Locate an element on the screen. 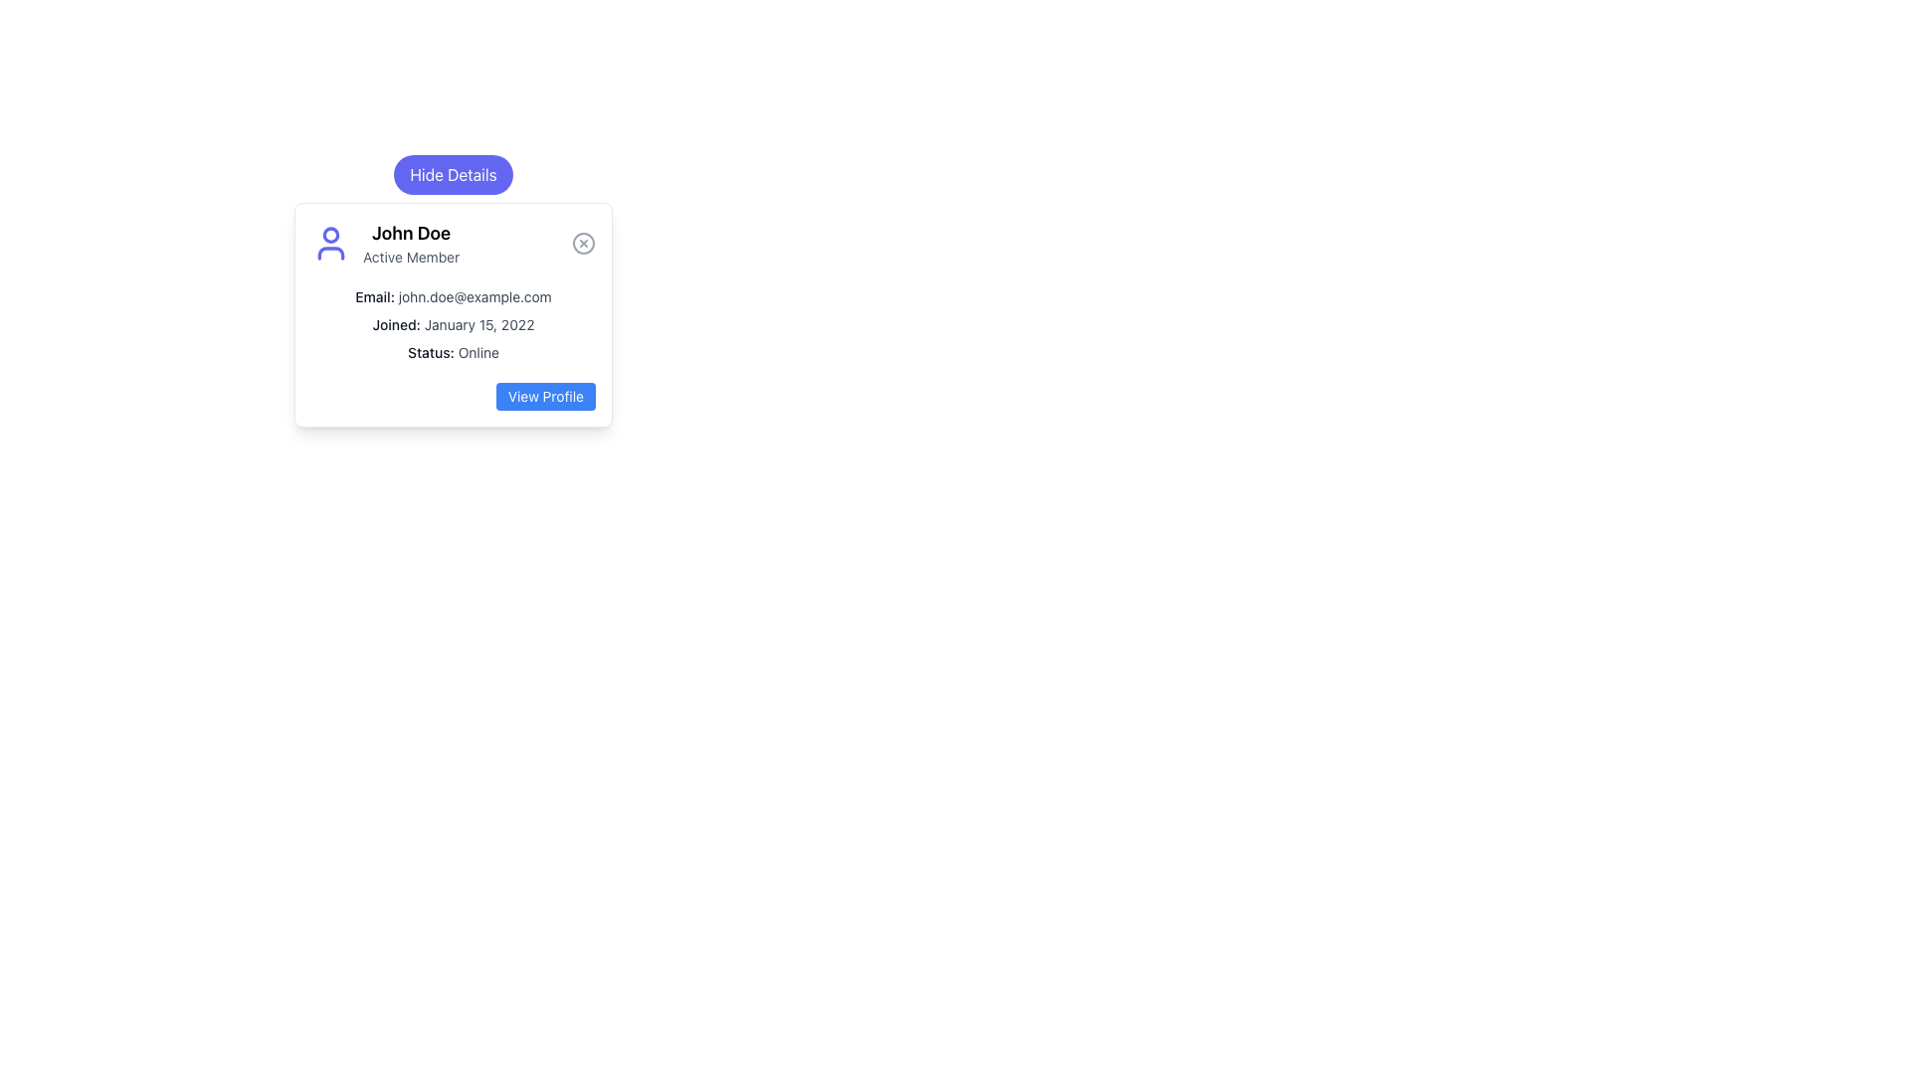  the circular close icon located at the top-right corner of the user profile card for user 'John Doe' is located at coordinates (582, 243).